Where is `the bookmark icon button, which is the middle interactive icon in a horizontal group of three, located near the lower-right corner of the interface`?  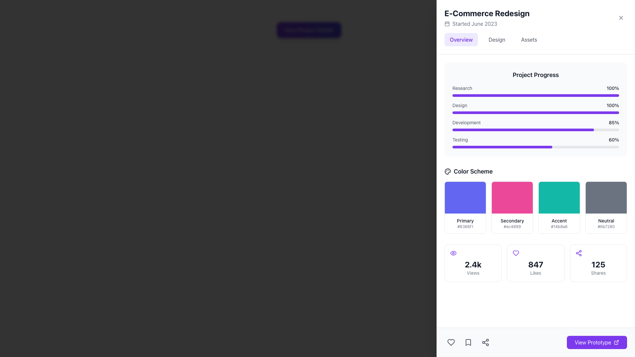 the bookmark icon button, which is the middle interactive icon in a horizontal group of three, located near the lower-right corner of the interface is located at coordinates (468, 342).